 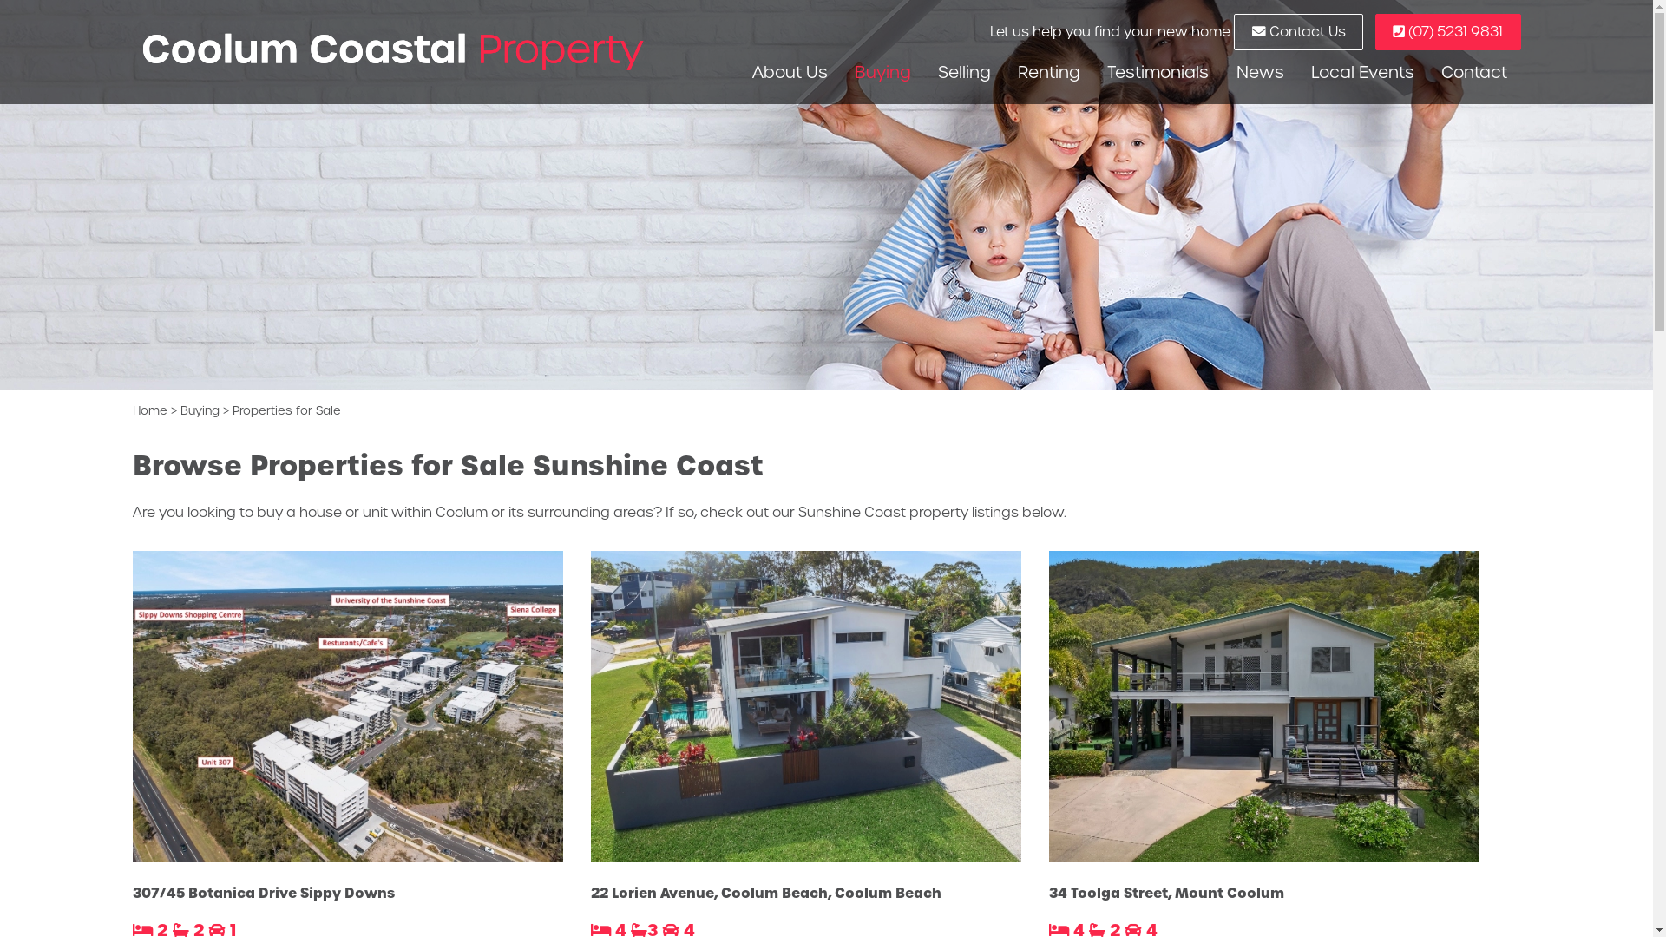 I want to click on 'Buying', so click(x=180, y=410).